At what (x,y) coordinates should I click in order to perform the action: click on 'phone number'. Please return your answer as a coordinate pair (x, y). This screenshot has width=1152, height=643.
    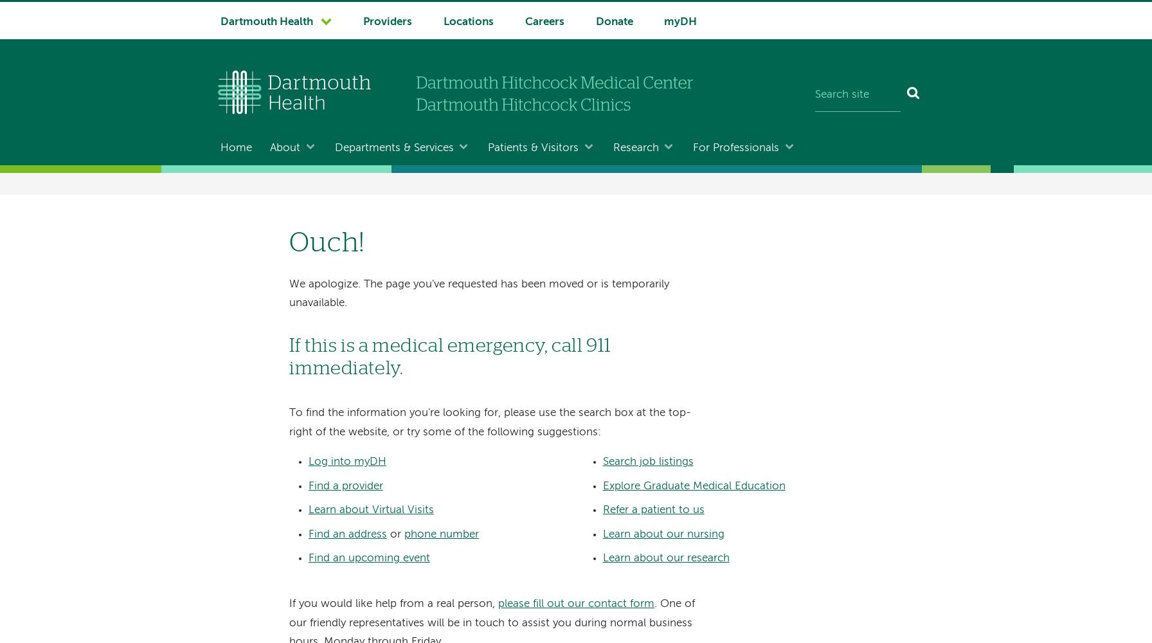
    Looking at the image, I should click on (440, 533).